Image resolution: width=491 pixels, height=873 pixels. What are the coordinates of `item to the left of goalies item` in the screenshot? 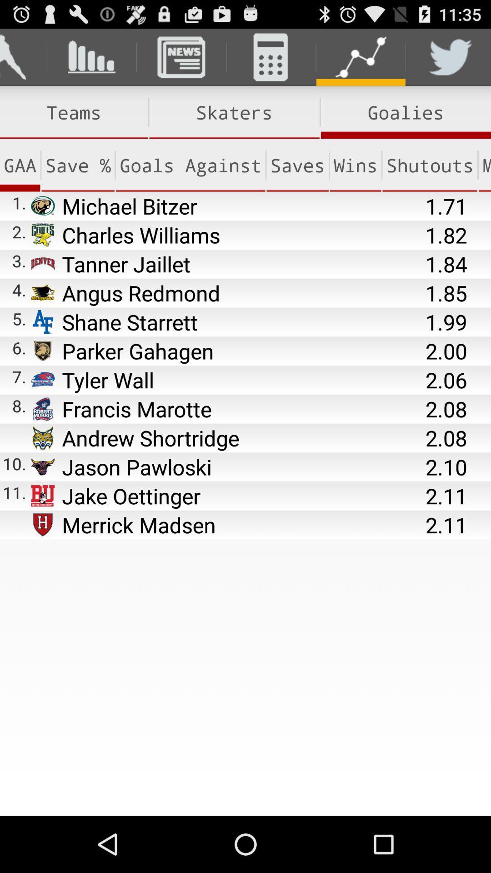 It's located at (234, 112).